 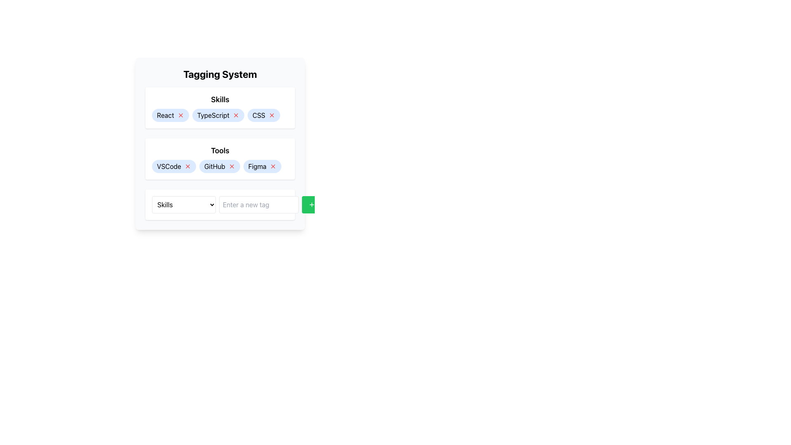 I want to click on the close button located to the right of the 'VSCode' text in the second row of tags under the 'Tools' section, so click(x=187, y=166).